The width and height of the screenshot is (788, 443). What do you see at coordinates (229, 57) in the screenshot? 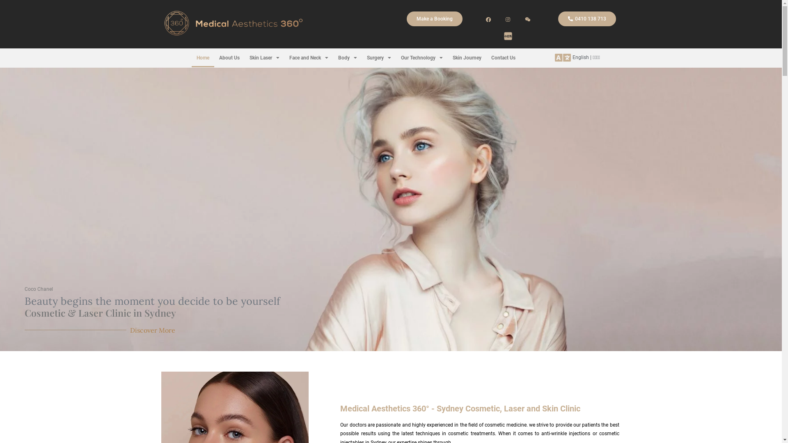
I see `'About Us'` at bounding box center [229, 57].